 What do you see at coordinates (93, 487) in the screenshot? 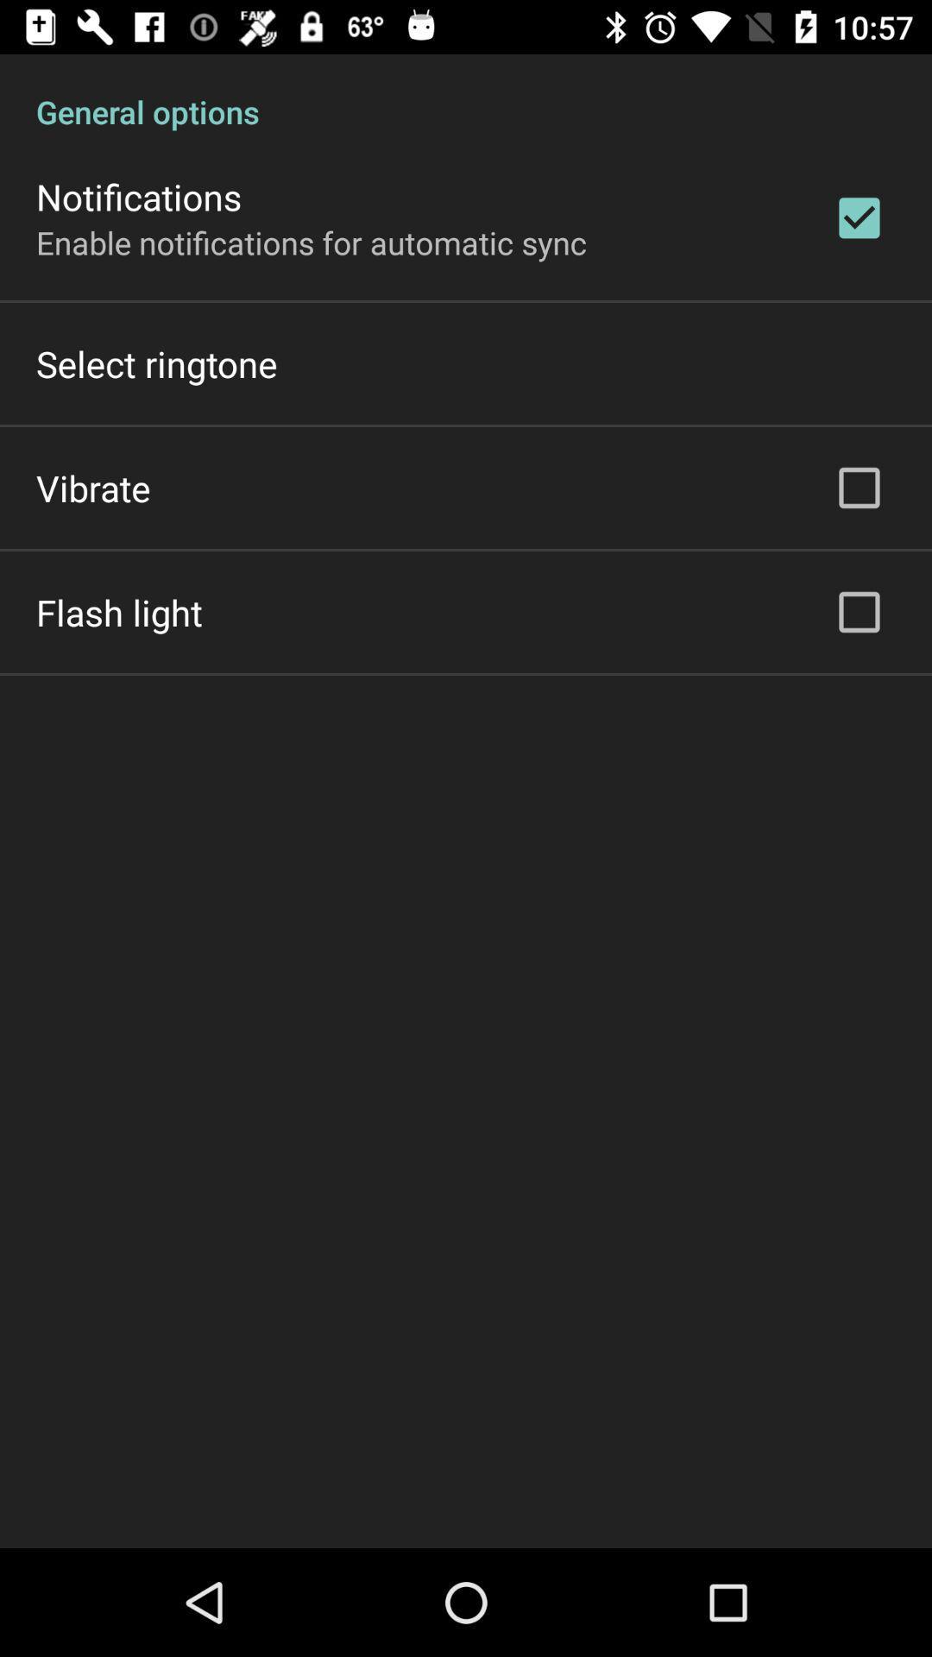
I see `the vibrate` at bounding box center [93, 487].